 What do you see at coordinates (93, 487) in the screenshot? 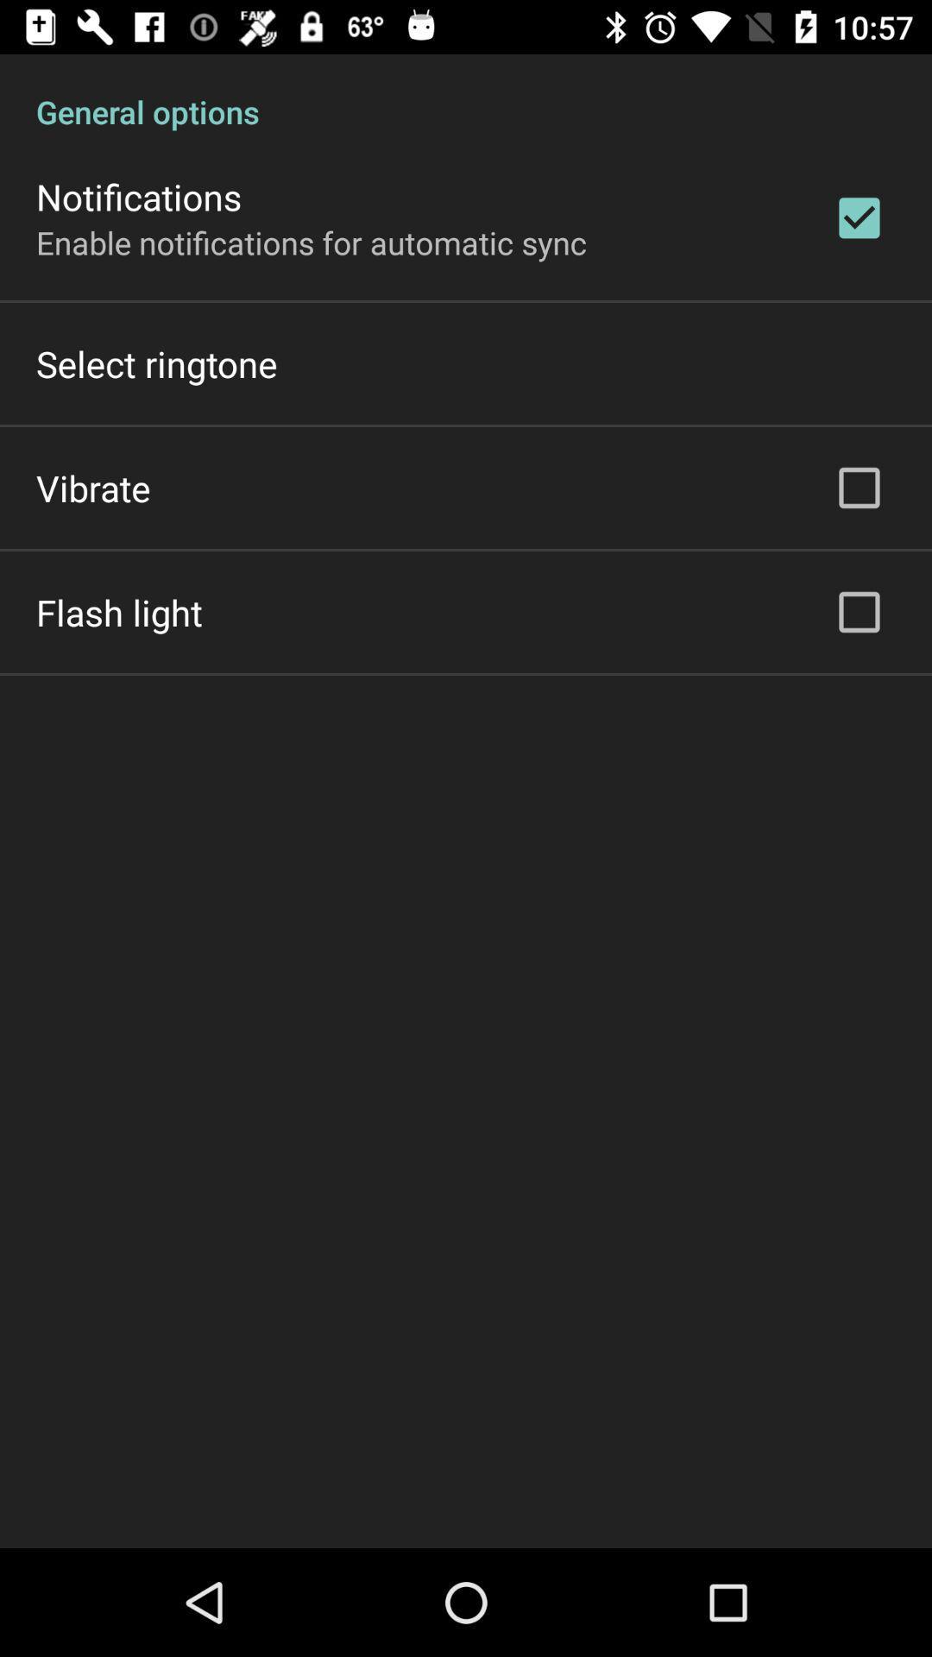
I see `the vibrate` at bounding box center [93, 487].